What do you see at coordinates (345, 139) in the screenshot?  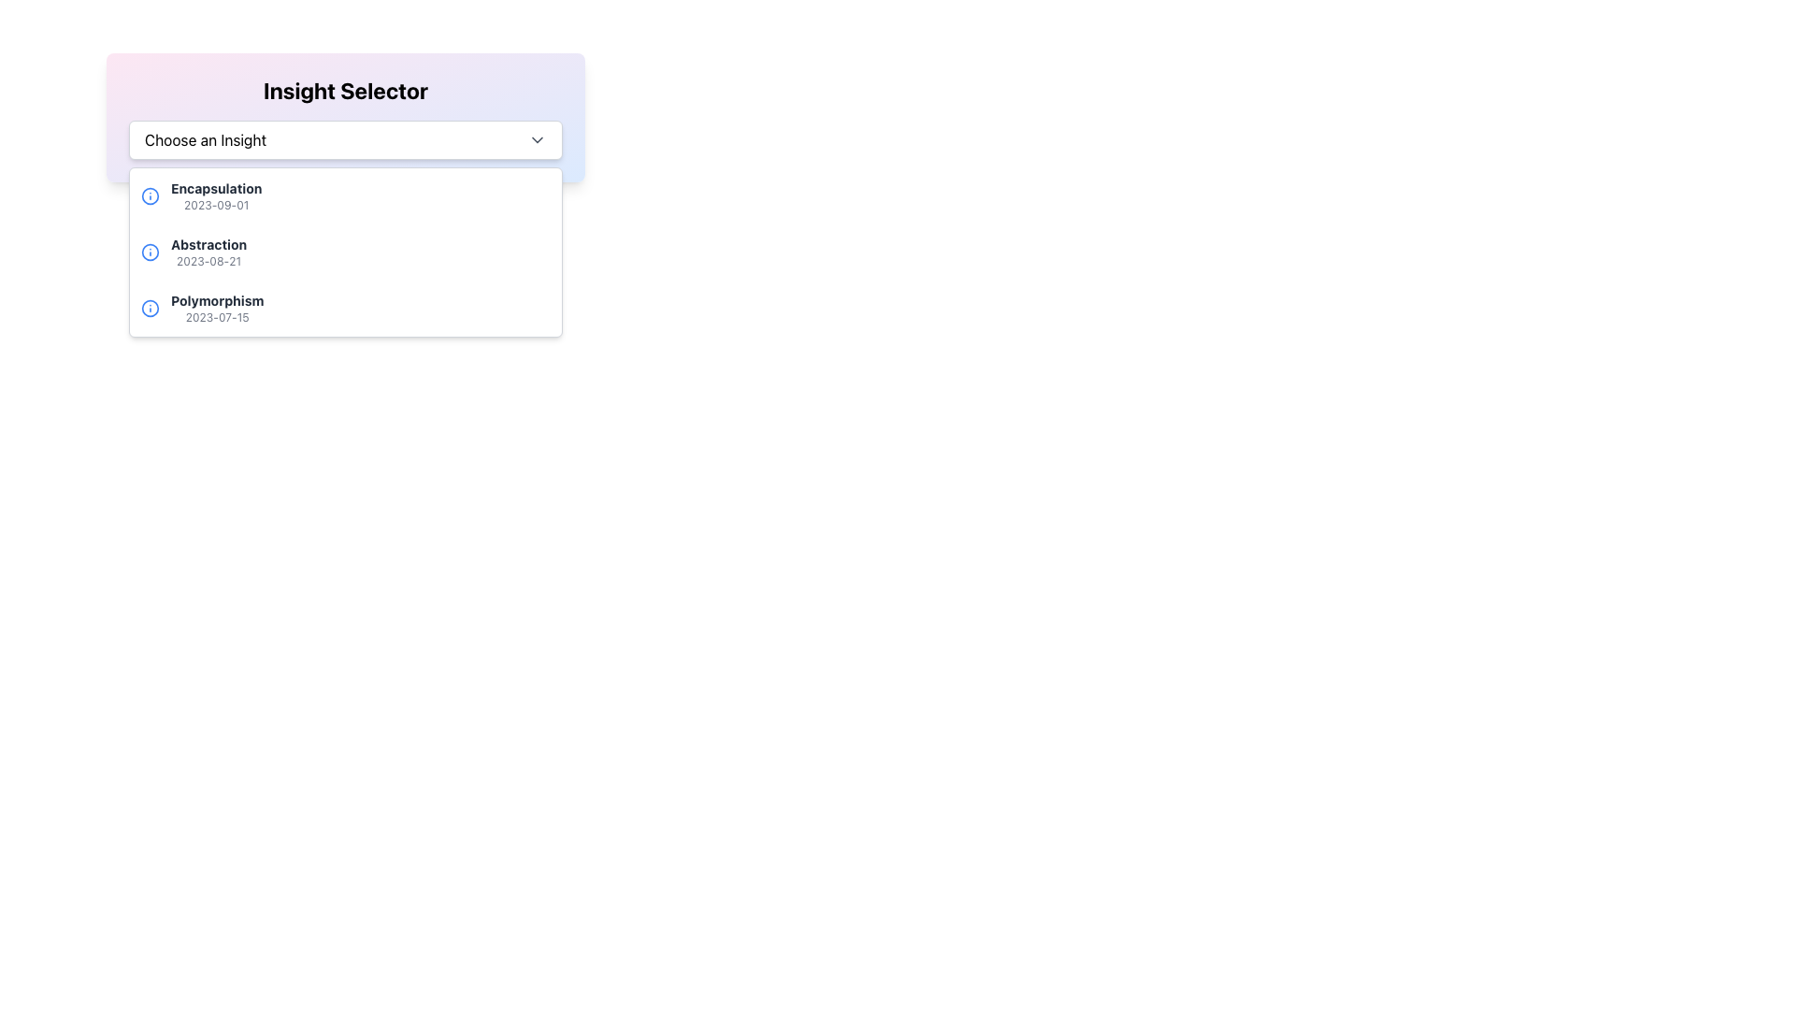 I see `the dropdown menu located below the title 'Insight Selector'` at bounding box center [345, 139].